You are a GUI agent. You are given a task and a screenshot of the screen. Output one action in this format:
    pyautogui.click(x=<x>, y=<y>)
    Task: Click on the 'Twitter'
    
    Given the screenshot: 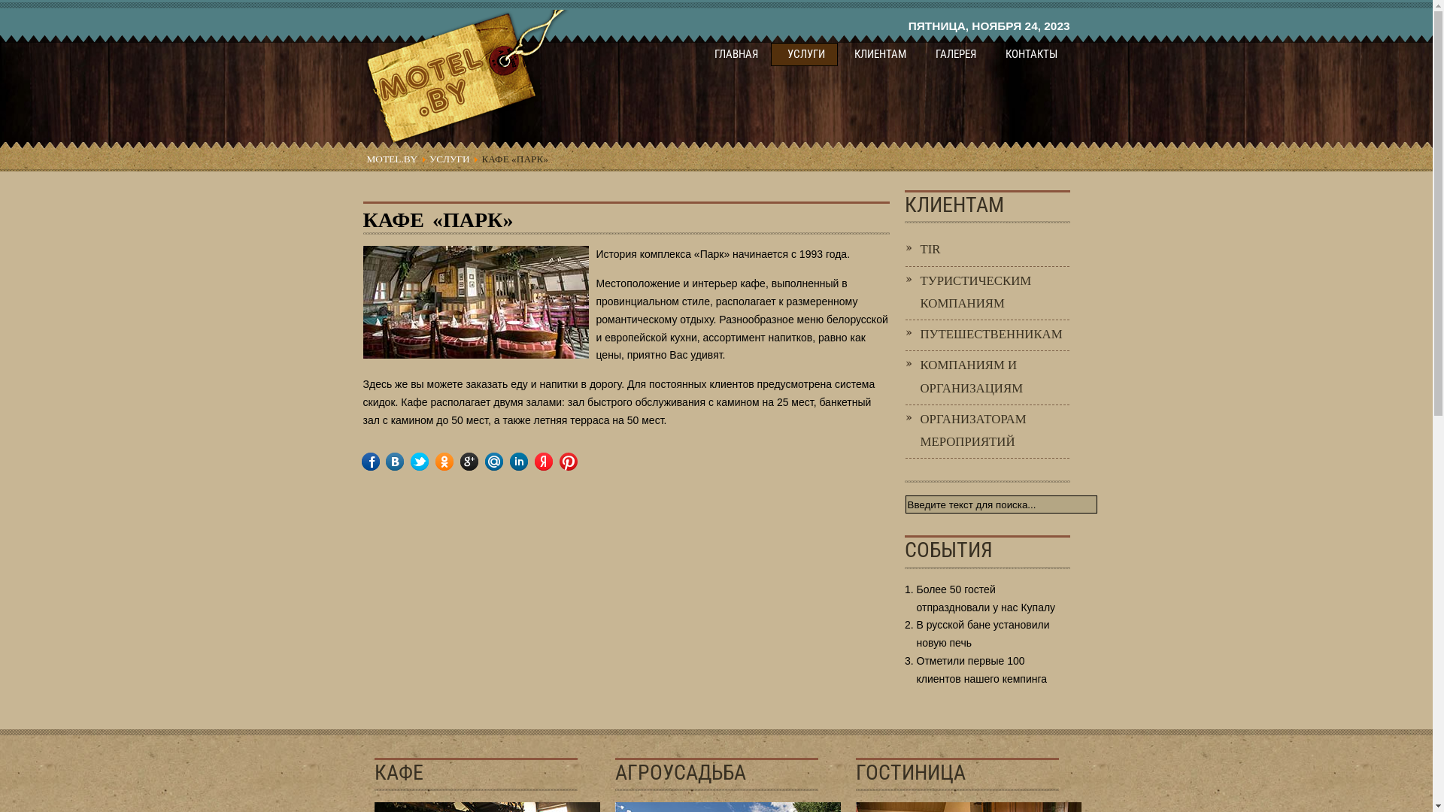 What is the action you would take?
    pyautogui.click(x=419, y=460)
    